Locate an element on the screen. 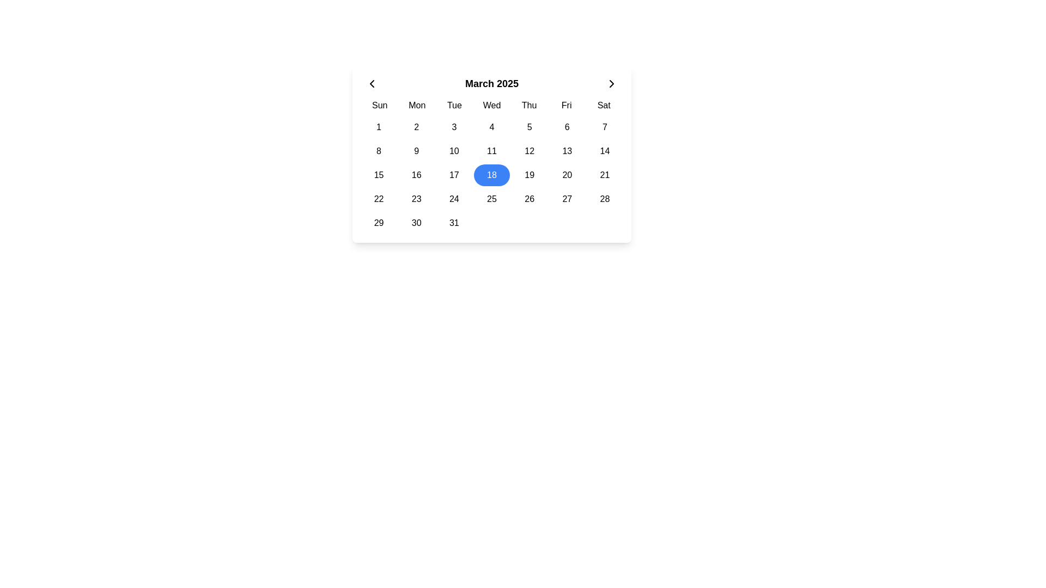 This screenshot has height=588, width=1046. the interactive calendar button located in the third row and third column of the calendar grid is located at coordinates (454, 174).